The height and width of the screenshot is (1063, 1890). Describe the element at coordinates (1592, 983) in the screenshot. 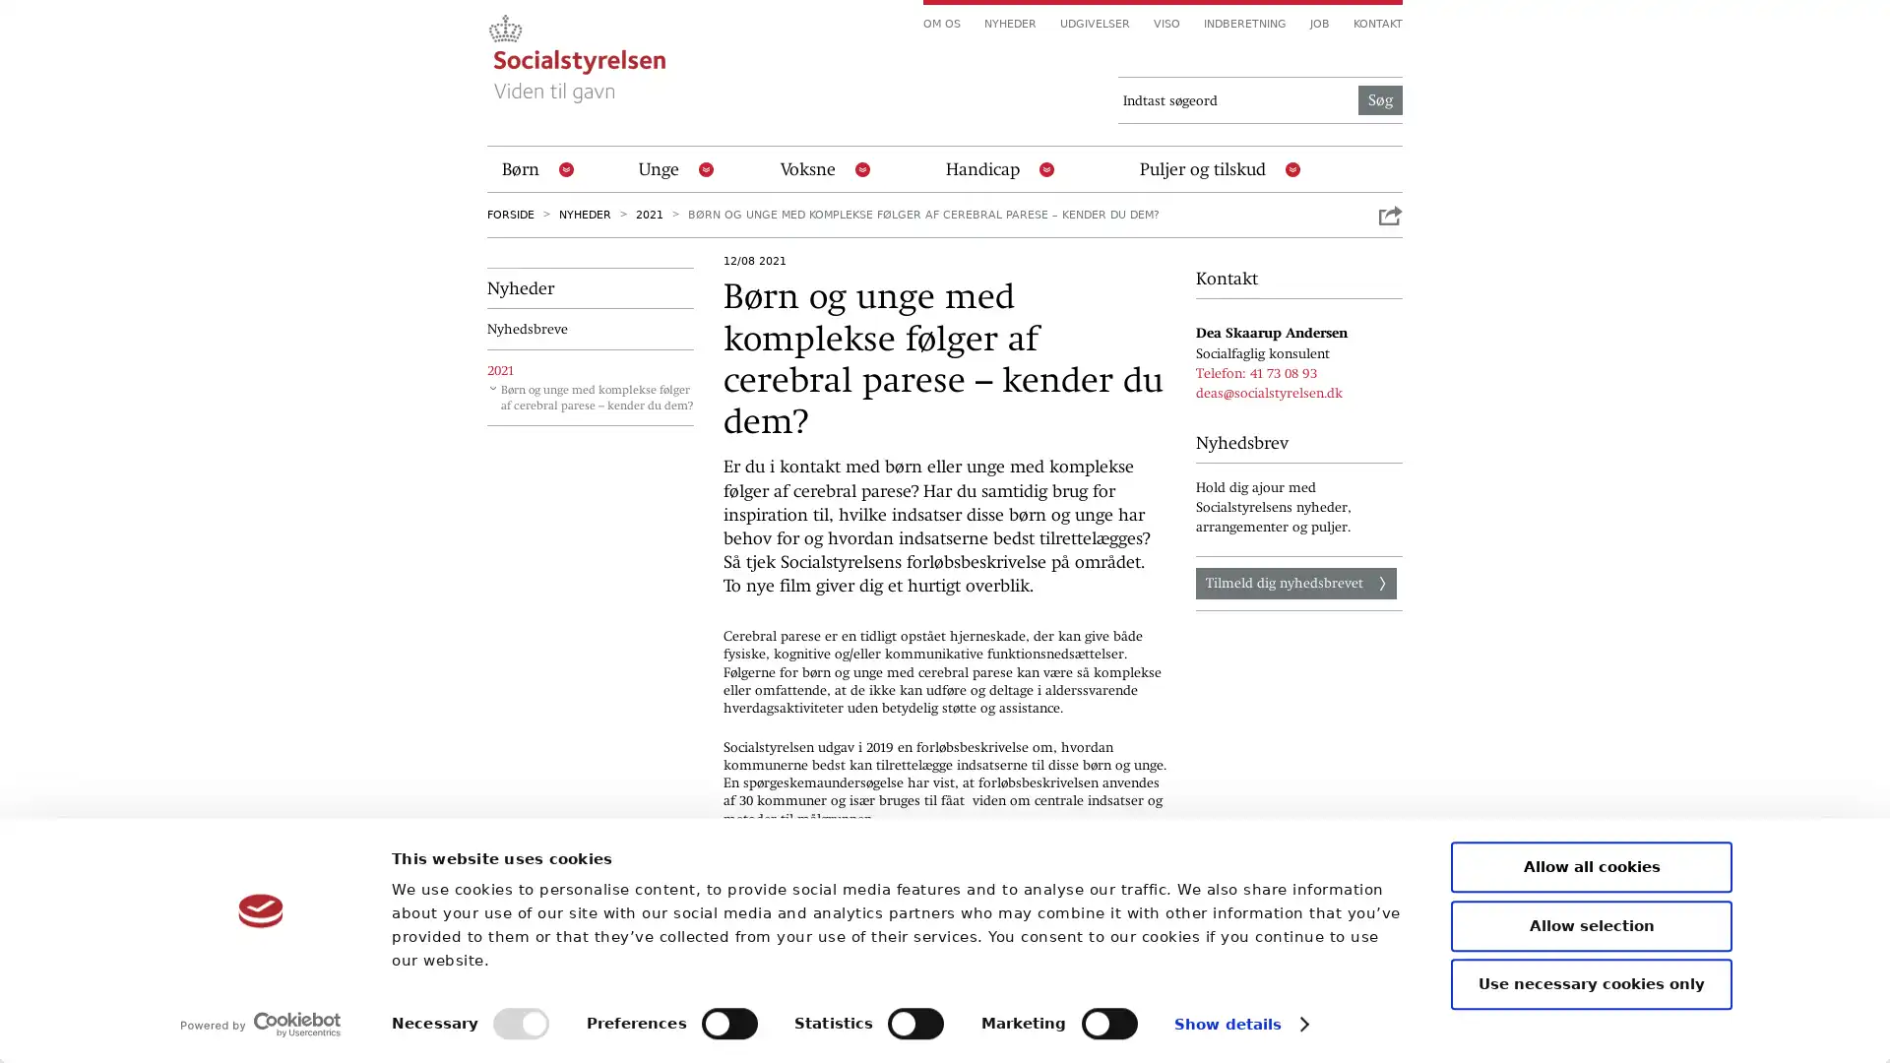

I see `Use necessary cookies only` at that location.